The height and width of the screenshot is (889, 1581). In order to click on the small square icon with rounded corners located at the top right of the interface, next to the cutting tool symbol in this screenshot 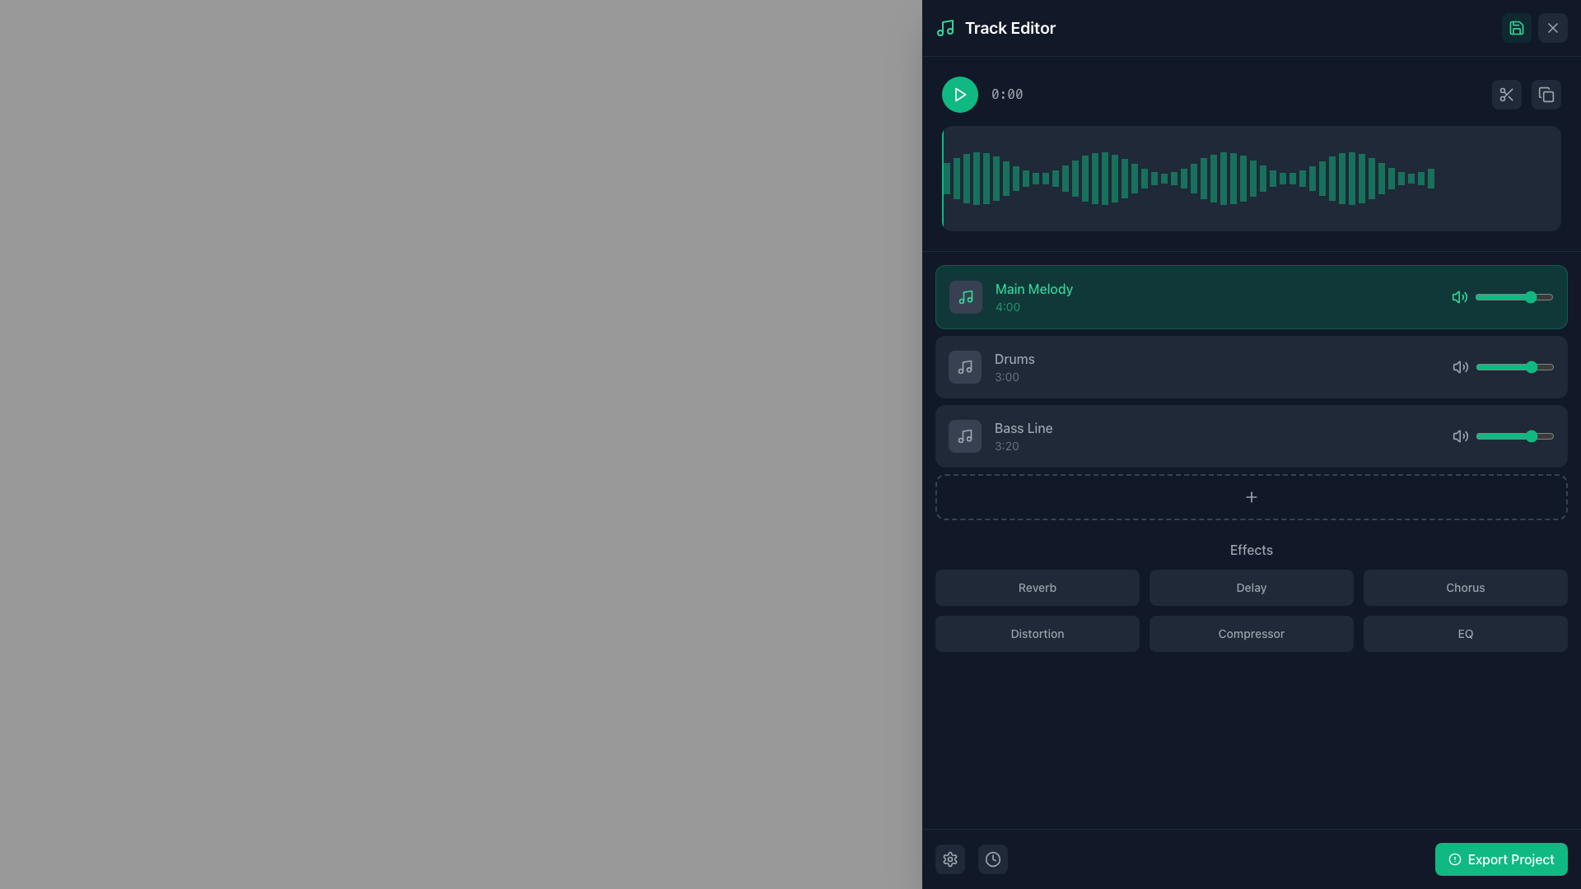, I will do `click(1547, 96)`.